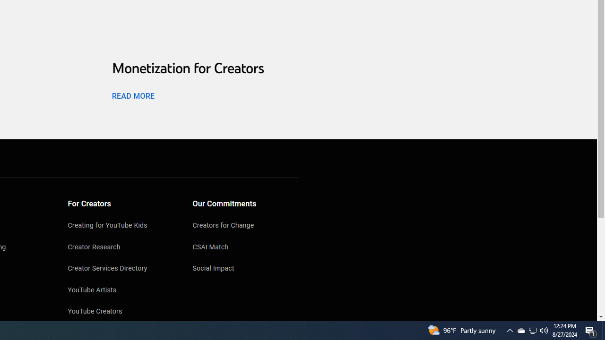 This screenshot has width=605, height=340. I want to click on 'READ MORE', so click(132, 96).